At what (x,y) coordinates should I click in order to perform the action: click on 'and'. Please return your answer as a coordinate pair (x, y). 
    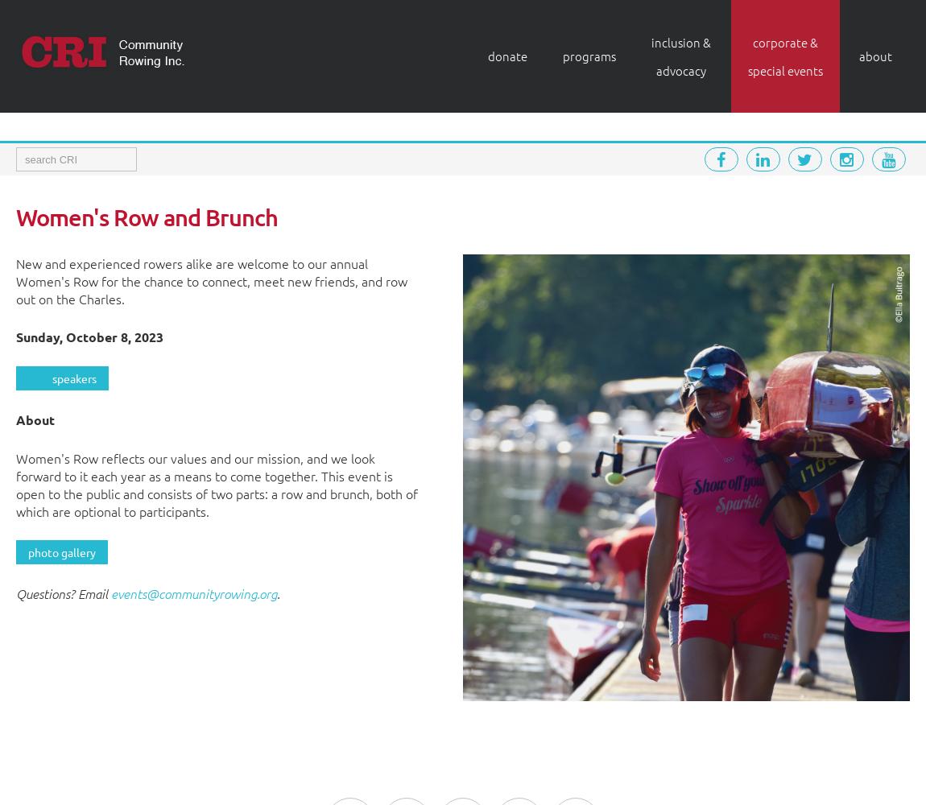
    Looking at the image, I should click on (180, 217).